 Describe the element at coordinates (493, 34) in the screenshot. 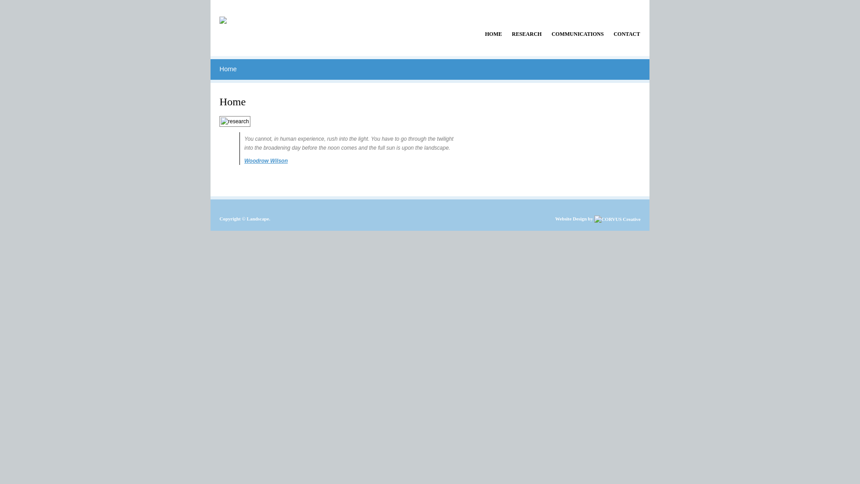

I see `'HOME'` at that location.